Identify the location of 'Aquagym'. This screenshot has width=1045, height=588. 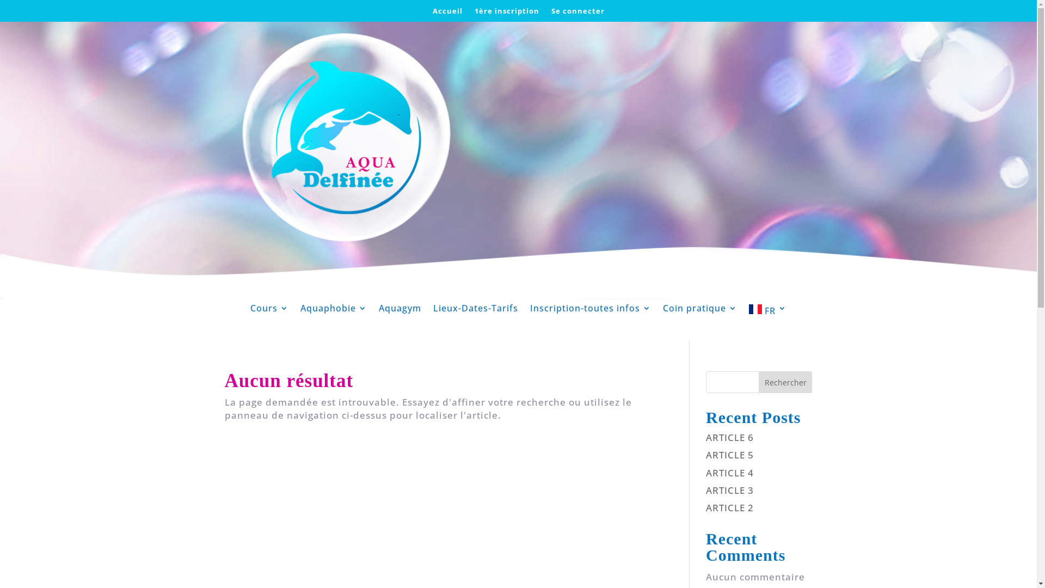
(399, 311).